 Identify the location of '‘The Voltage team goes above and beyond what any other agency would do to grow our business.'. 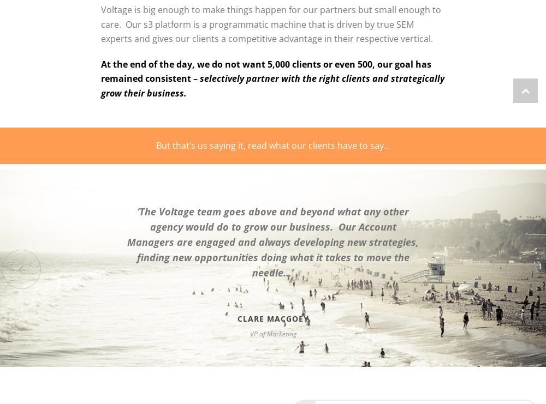
(273, 218).